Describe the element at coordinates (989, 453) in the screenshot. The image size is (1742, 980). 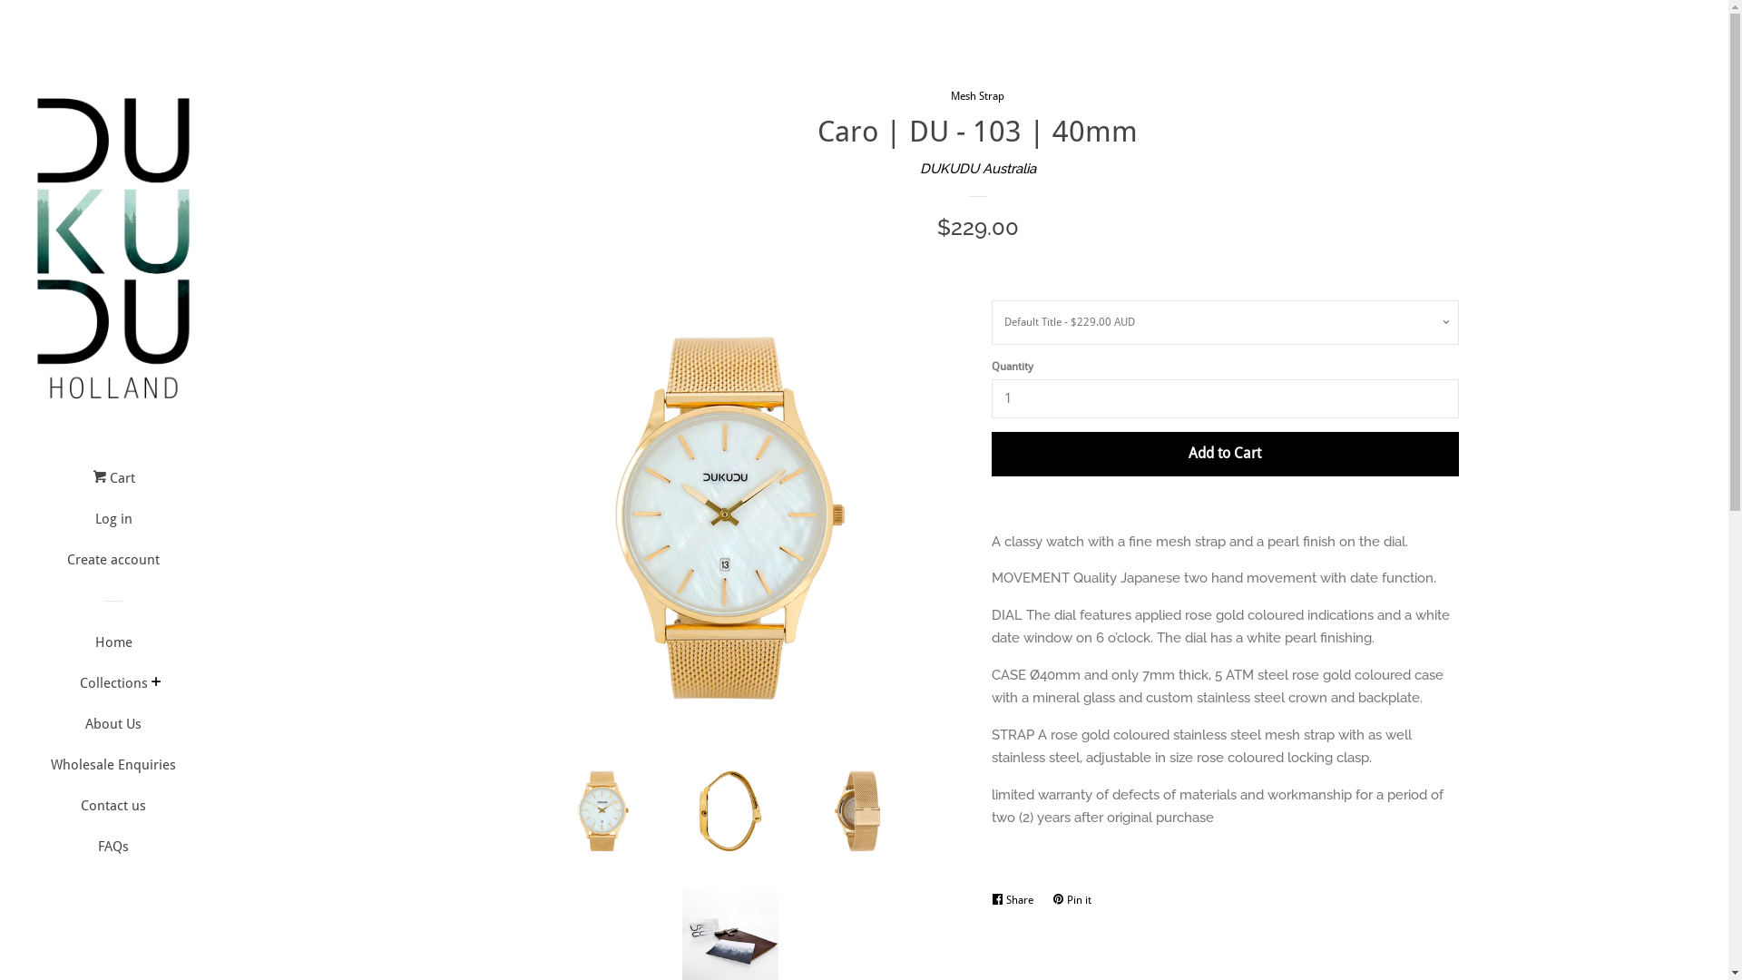
I see `'Add to Cart'` at that location.